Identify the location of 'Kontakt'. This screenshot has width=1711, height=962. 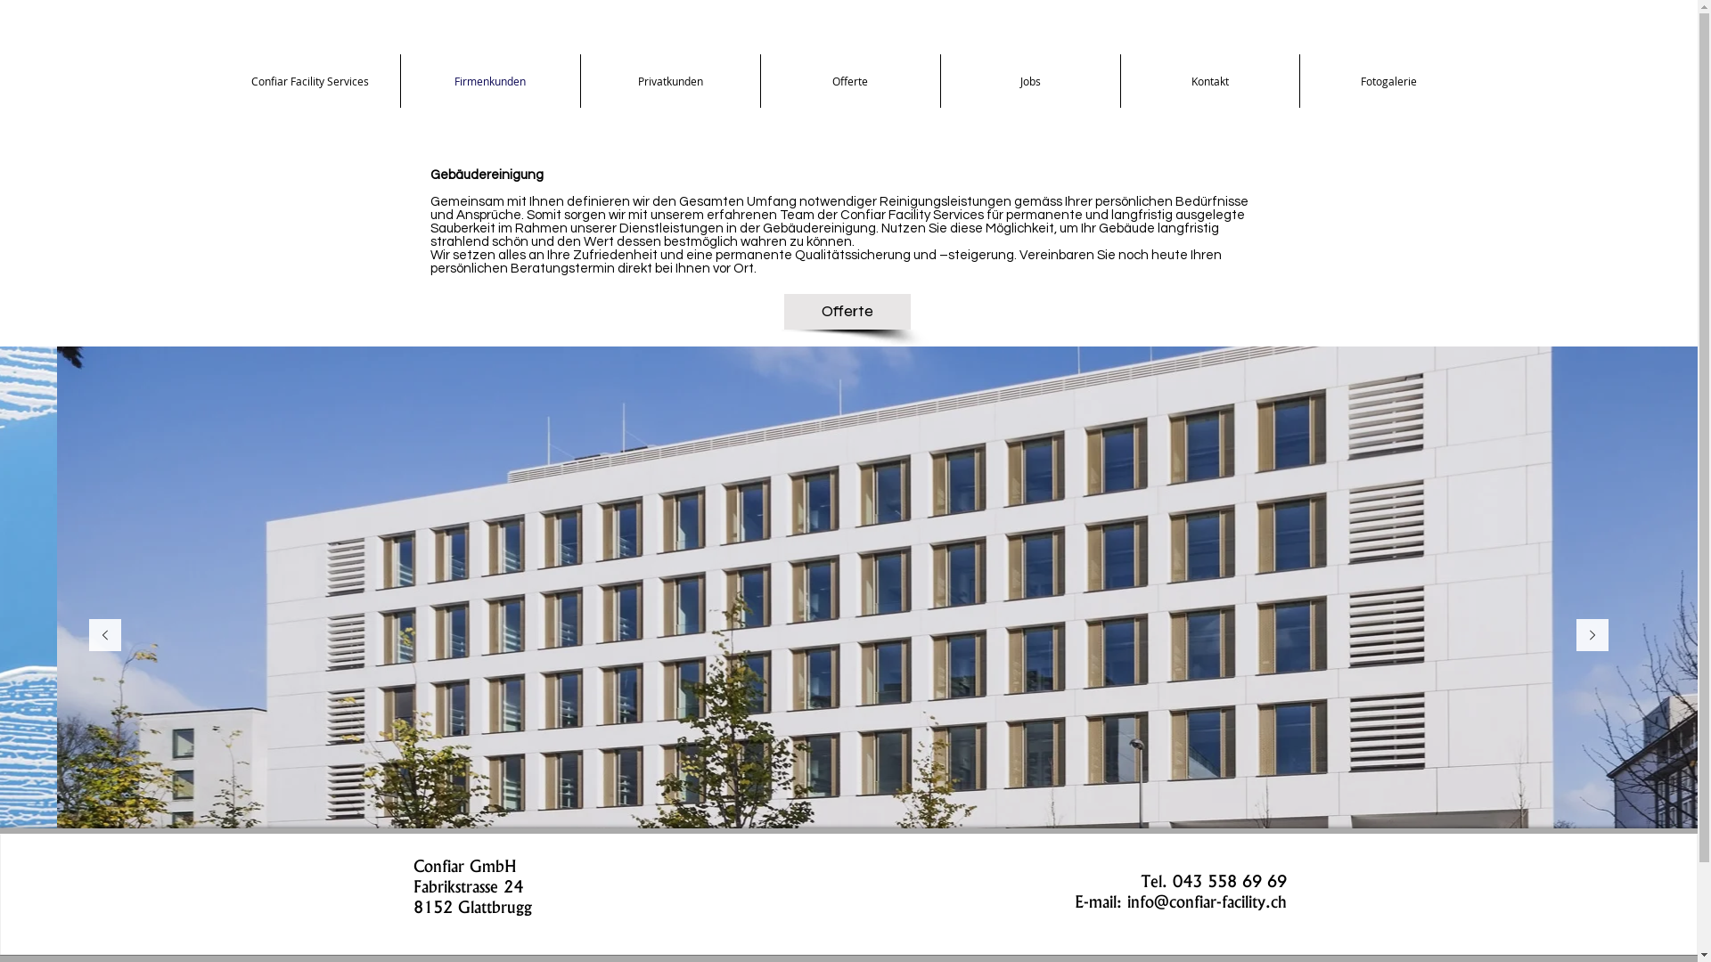
(1210, 81).